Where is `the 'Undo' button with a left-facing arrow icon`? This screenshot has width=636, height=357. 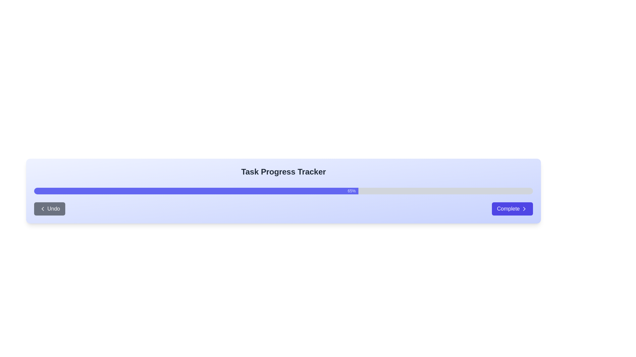 the 'Undo' button with a left-facing arrow icon is located at coordinates (49, 209).